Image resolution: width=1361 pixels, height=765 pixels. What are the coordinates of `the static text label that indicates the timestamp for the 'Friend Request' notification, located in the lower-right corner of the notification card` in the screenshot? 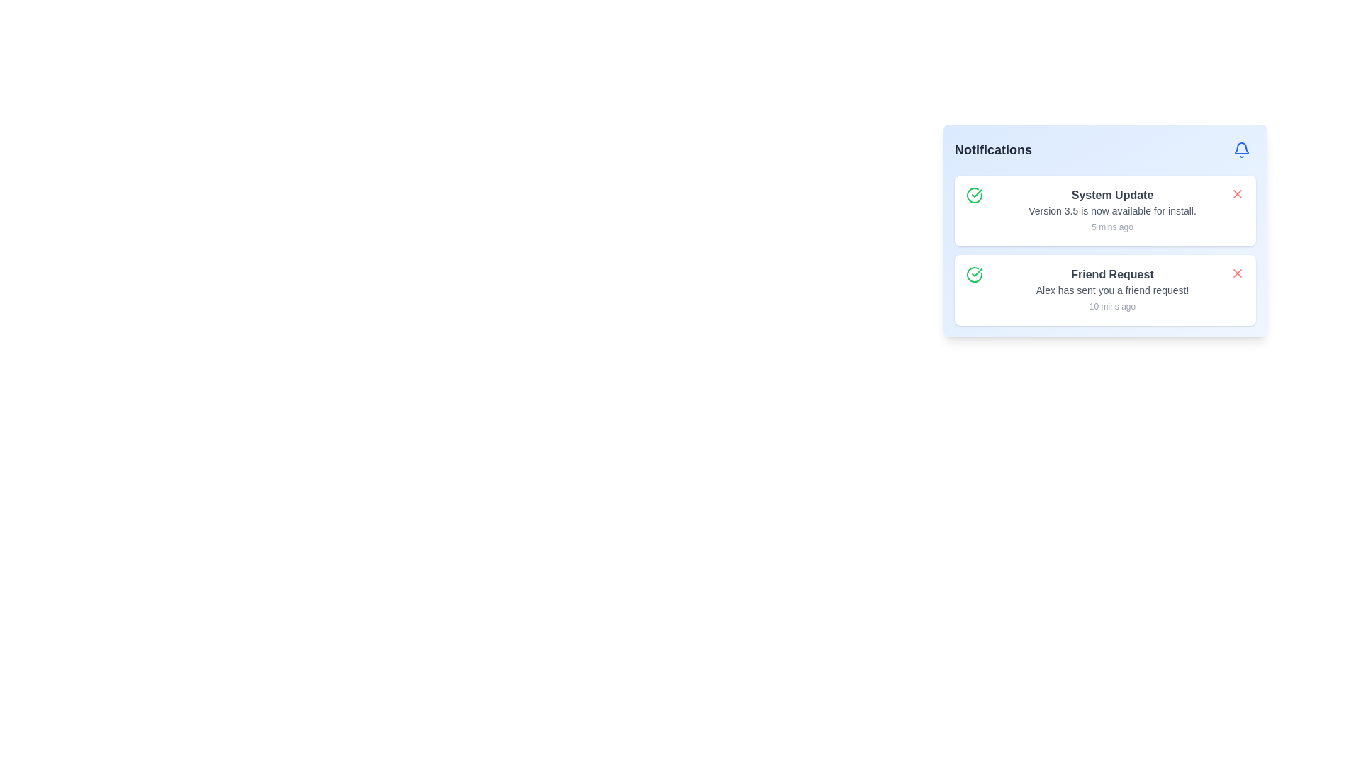 It's located at (1111, 305).